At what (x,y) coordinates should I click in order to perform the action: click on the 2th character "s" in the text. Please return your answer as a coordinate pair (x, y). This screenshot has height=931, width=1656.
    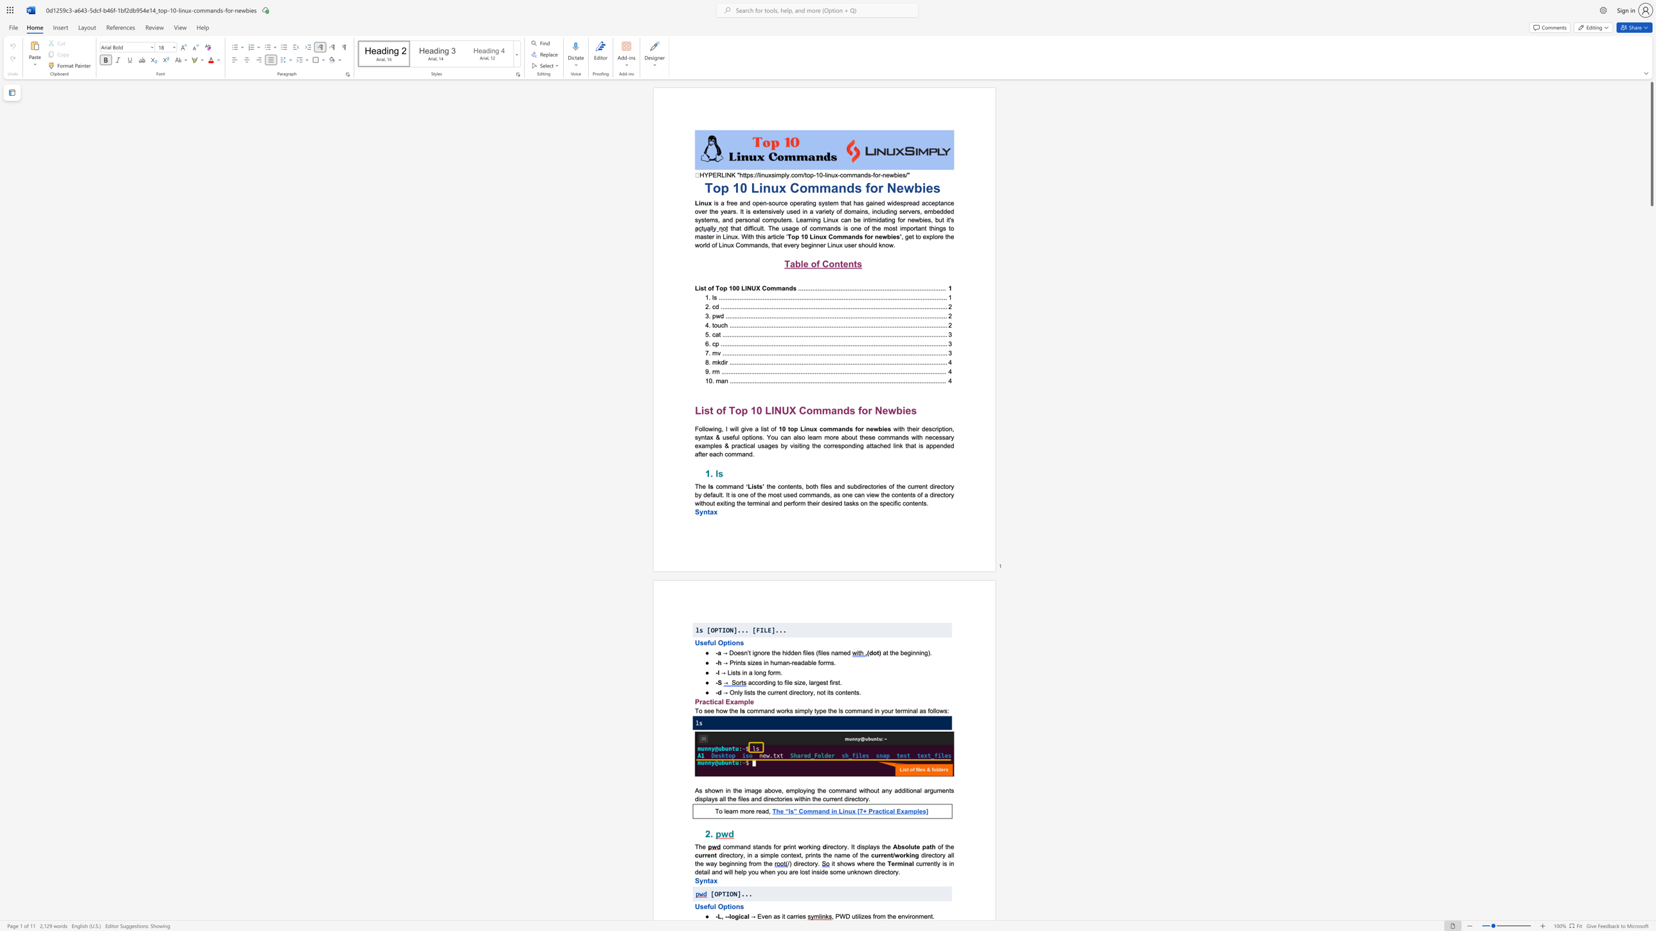
    Looking at the image, I should click on (741, 905).